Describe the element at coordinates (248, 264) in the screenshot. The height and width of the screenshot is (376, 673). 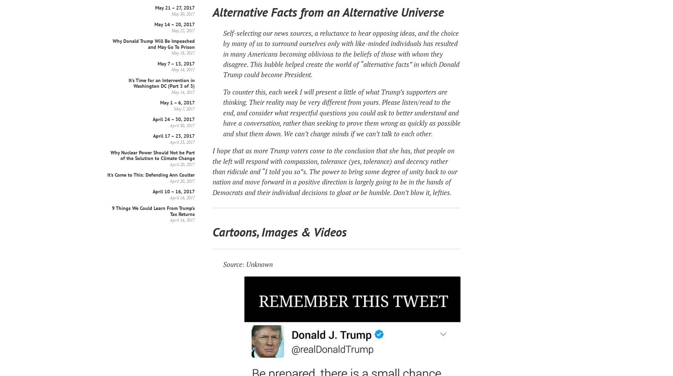
I see `'Source: Unknown'` at that location.